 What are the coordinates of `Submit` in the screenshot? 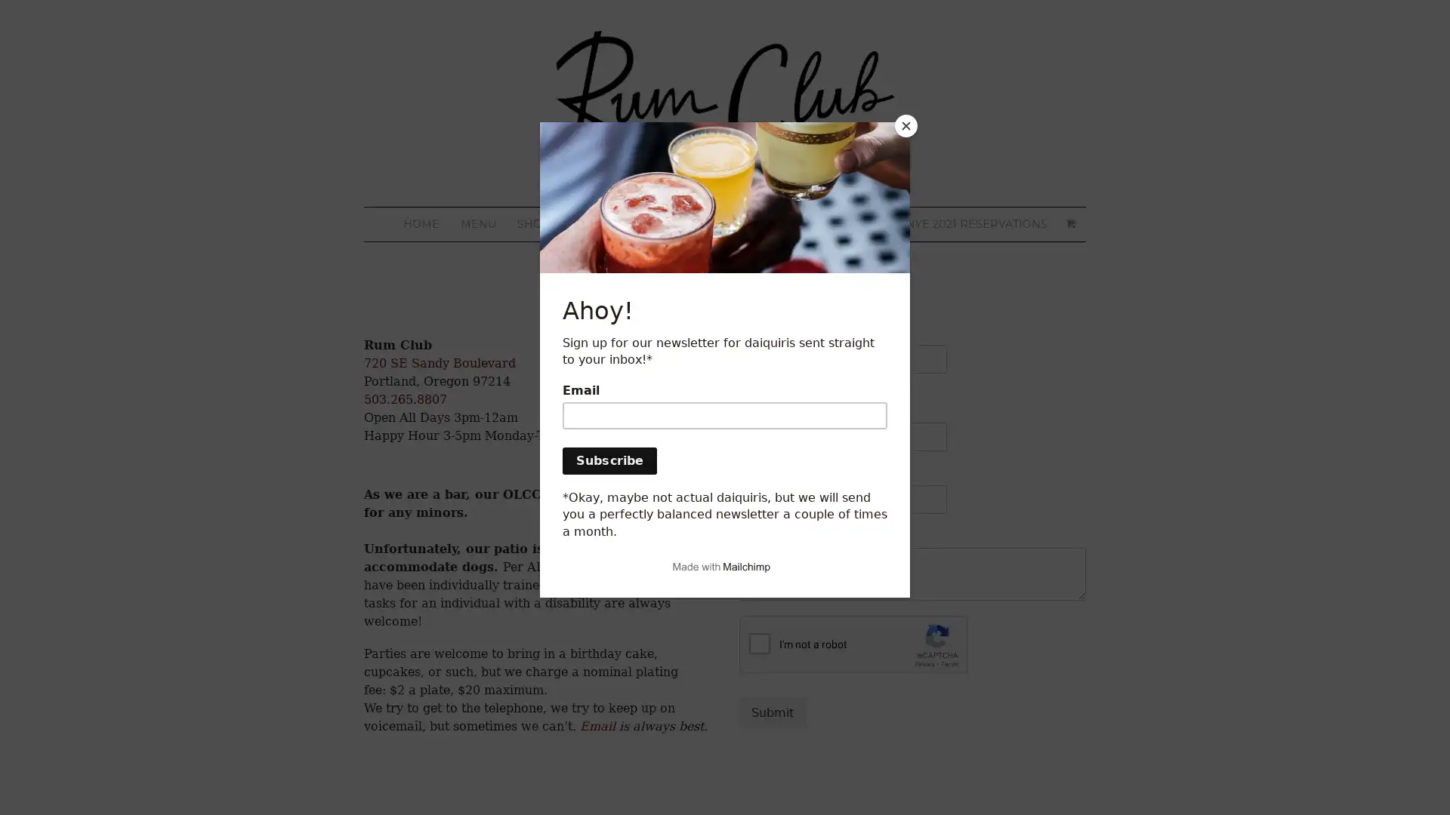 It's located at (772, 712).